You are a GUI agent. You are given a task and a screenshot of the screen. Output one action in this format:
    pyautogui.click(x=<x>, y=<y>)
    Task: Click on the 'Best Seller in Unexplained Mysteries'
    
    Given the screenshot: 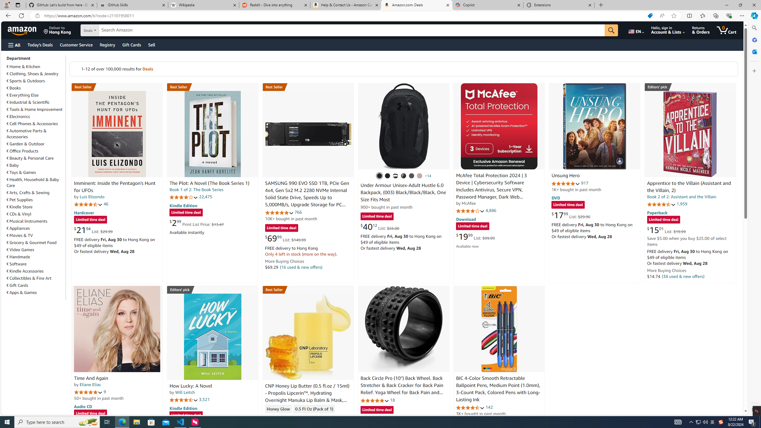 What is the action you would take?
    pyautogui.click(x=117, y=86)
    